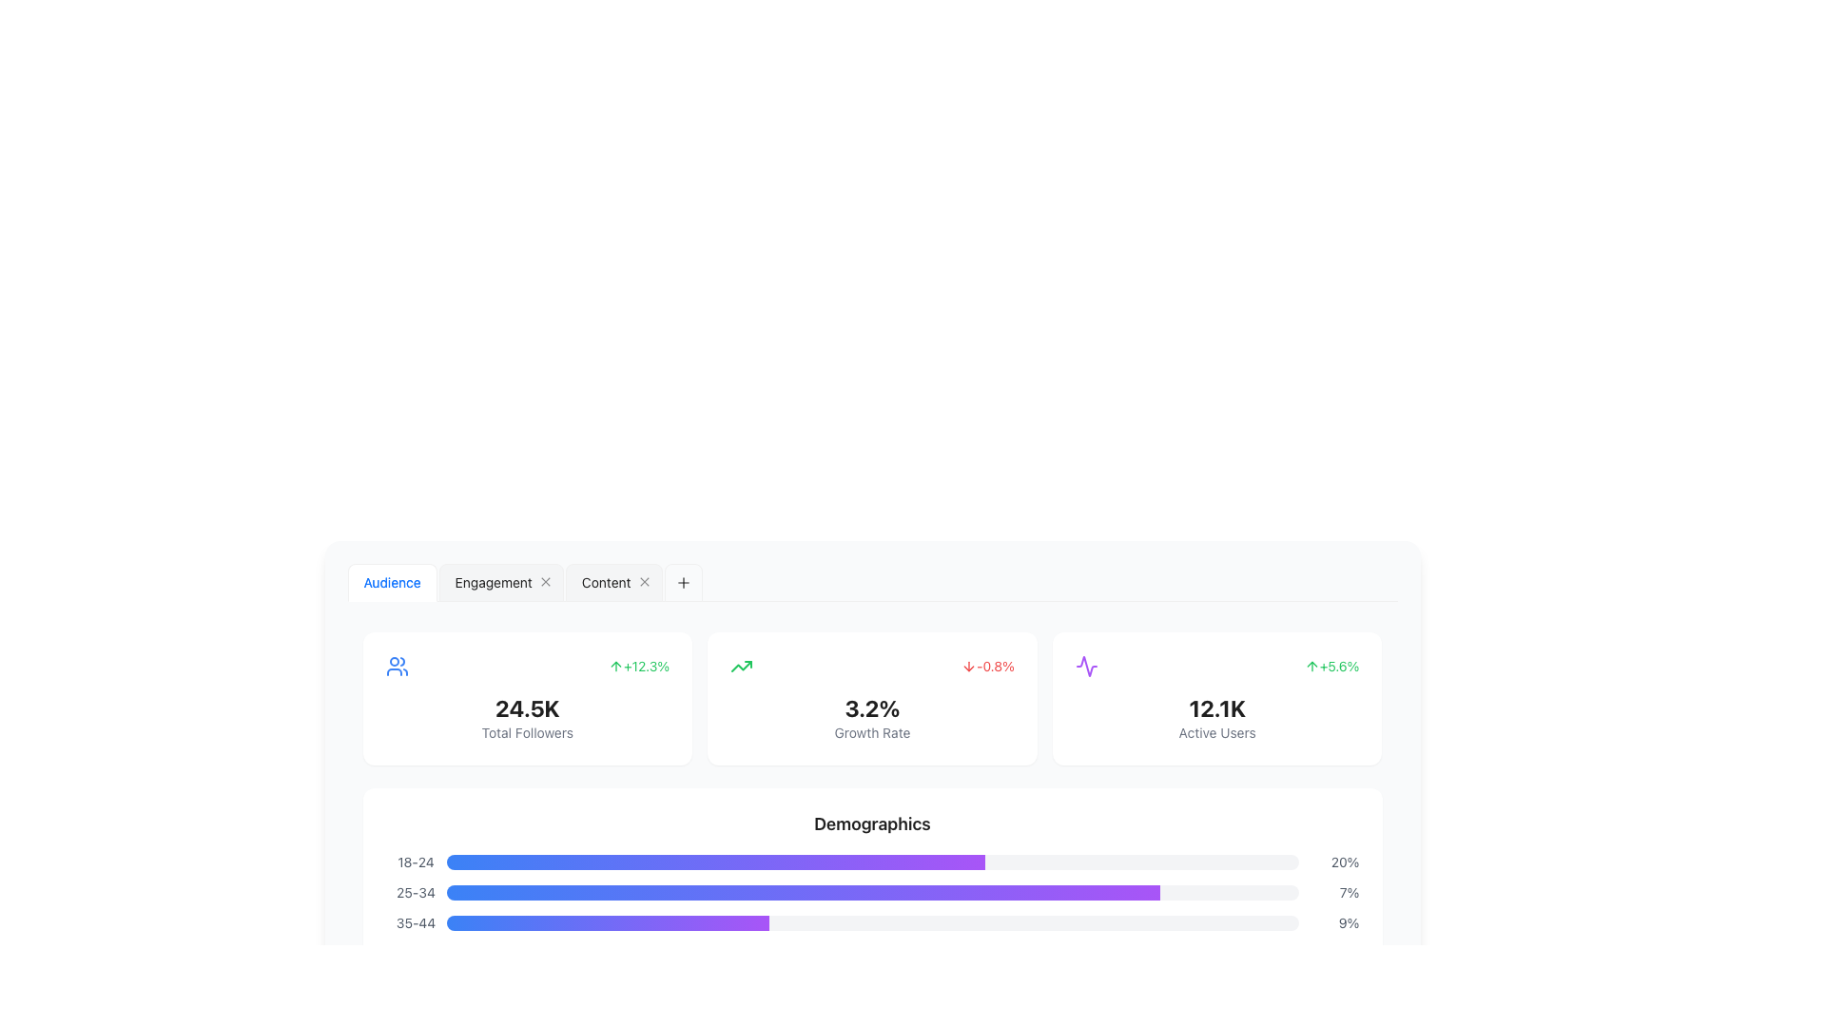 The width and height of the screenshot is (1826, 1027). I want to click on the 'Content' tab, which is the third tab from the left in the tab list, so click(613, 582).